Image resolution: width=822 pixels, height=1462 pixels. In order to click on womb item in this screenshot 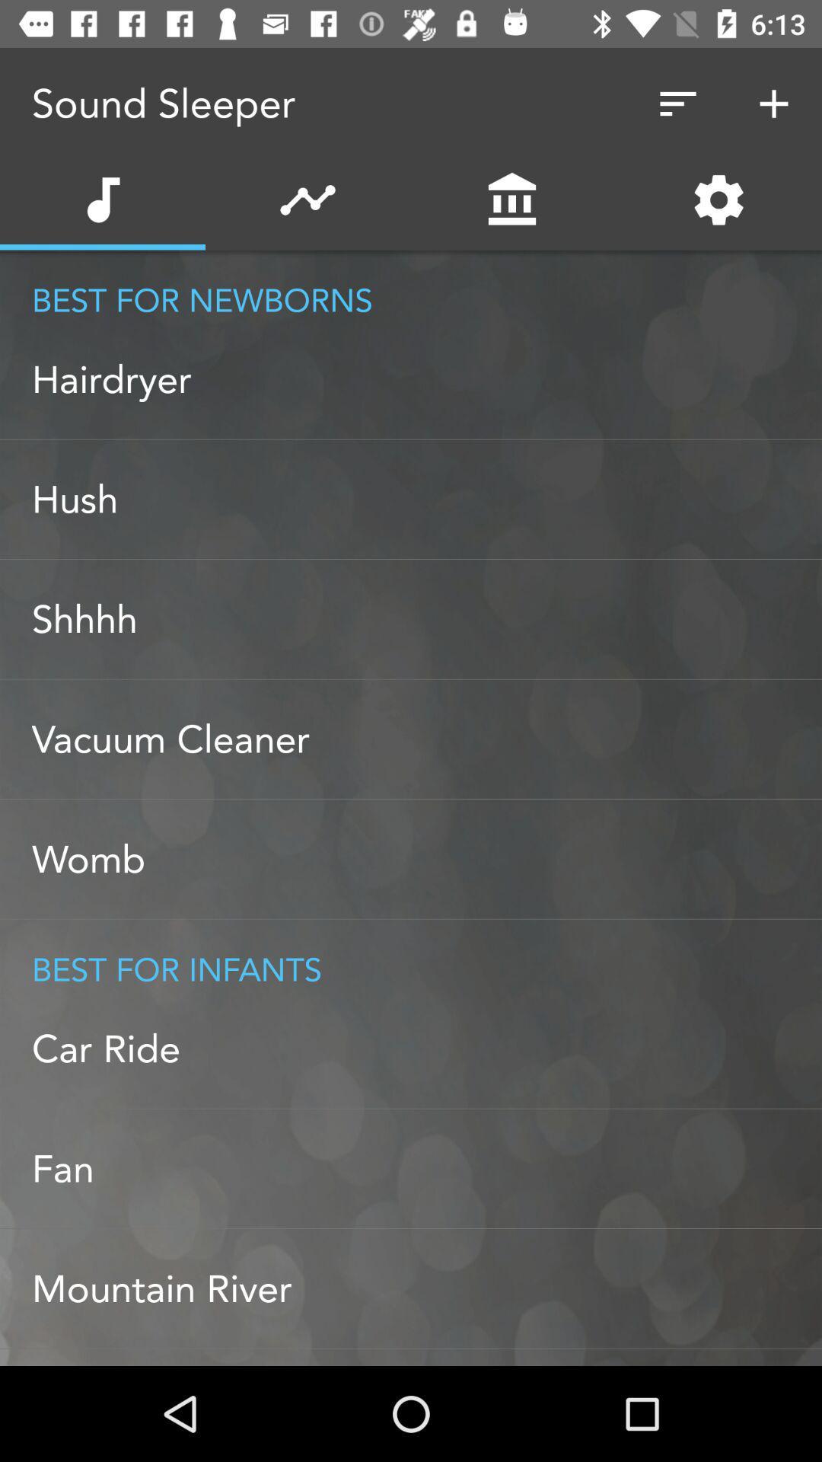, I will do `click(426, 859)`.